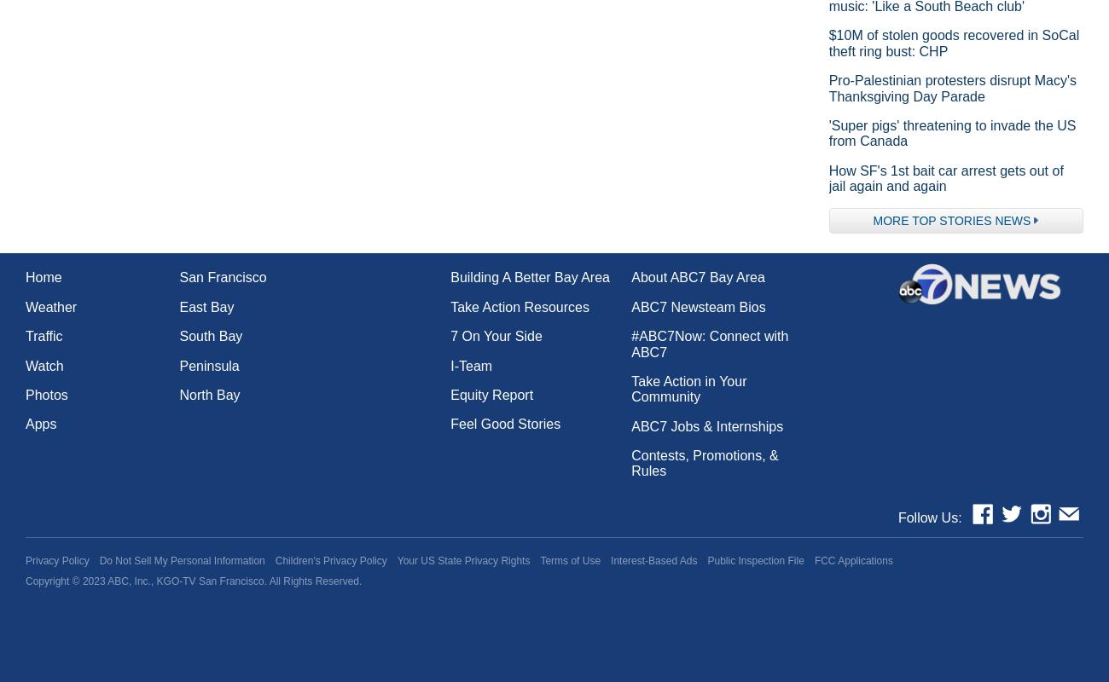 This screenshot has width=1109, height=682. I want to click on 'Children's Privacy Policy', so click(275, 560).